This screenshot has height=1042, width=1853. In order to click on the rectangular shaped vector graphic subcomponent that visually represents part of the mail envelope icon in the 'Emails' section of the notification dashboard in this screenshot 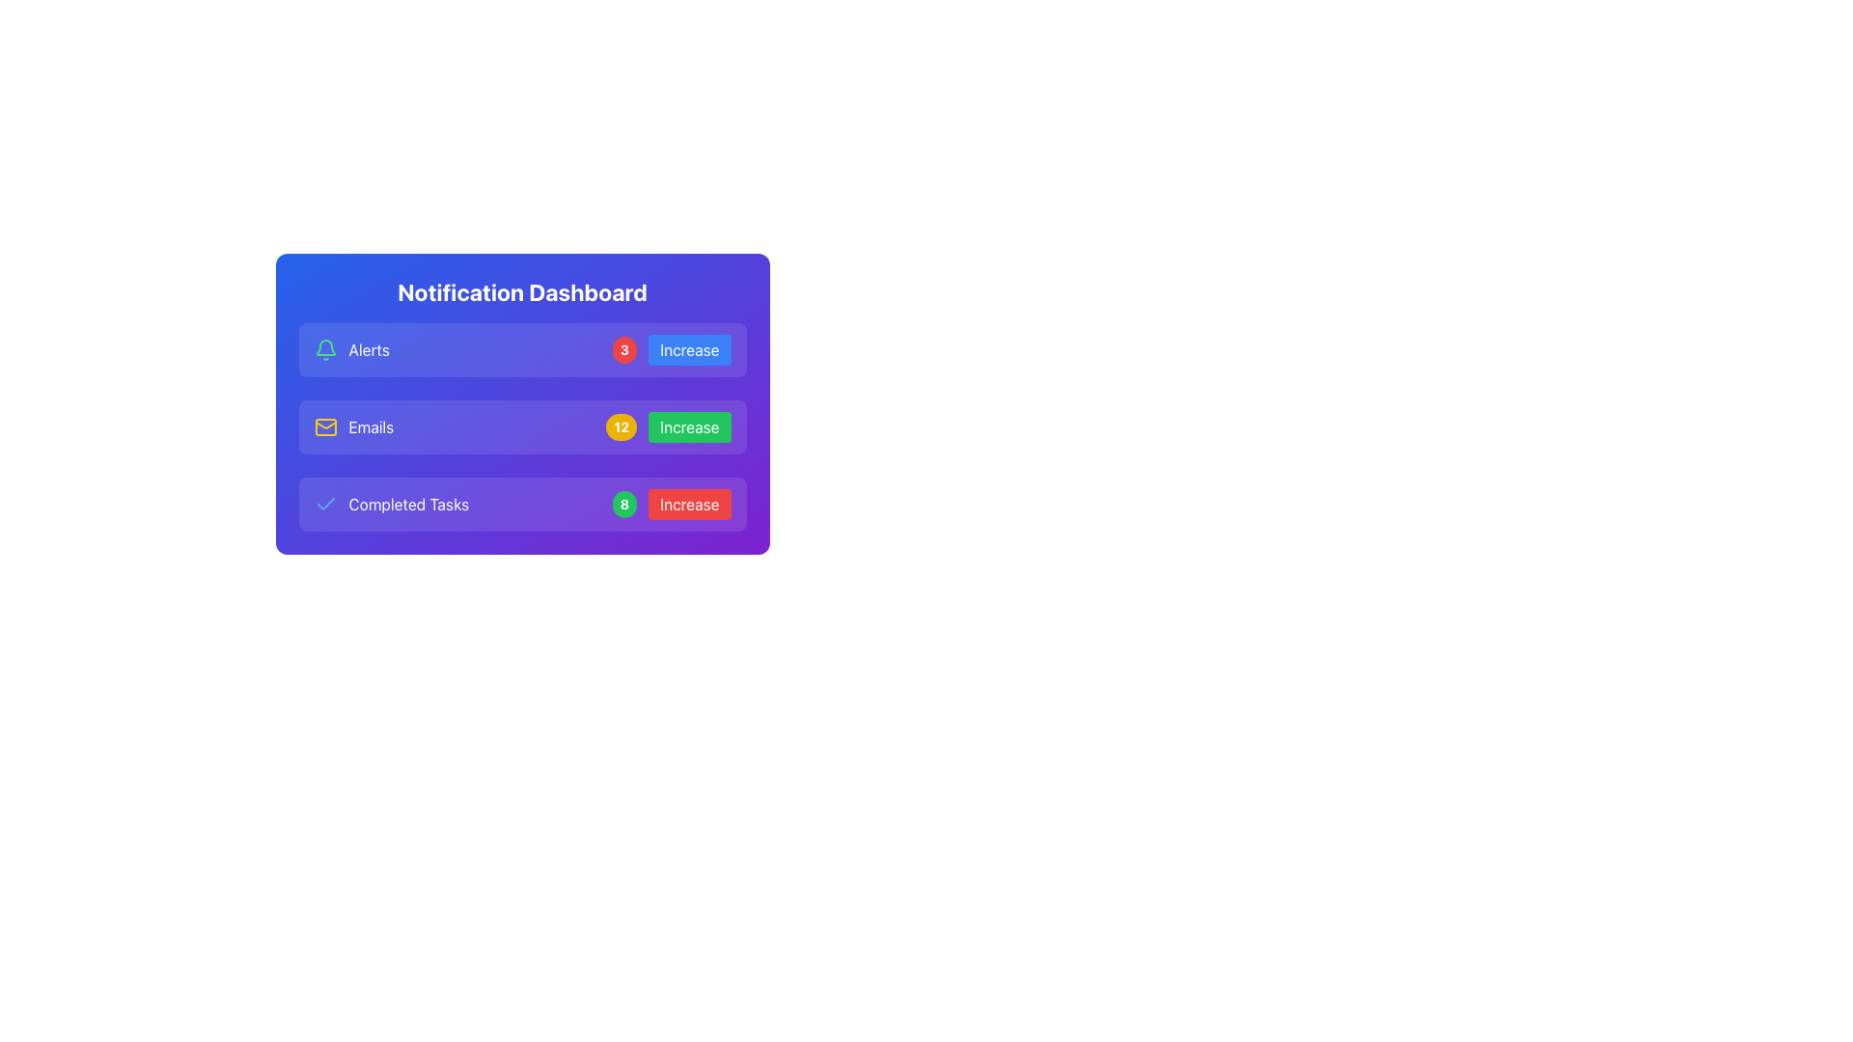, I will do `click(325, 426)`.